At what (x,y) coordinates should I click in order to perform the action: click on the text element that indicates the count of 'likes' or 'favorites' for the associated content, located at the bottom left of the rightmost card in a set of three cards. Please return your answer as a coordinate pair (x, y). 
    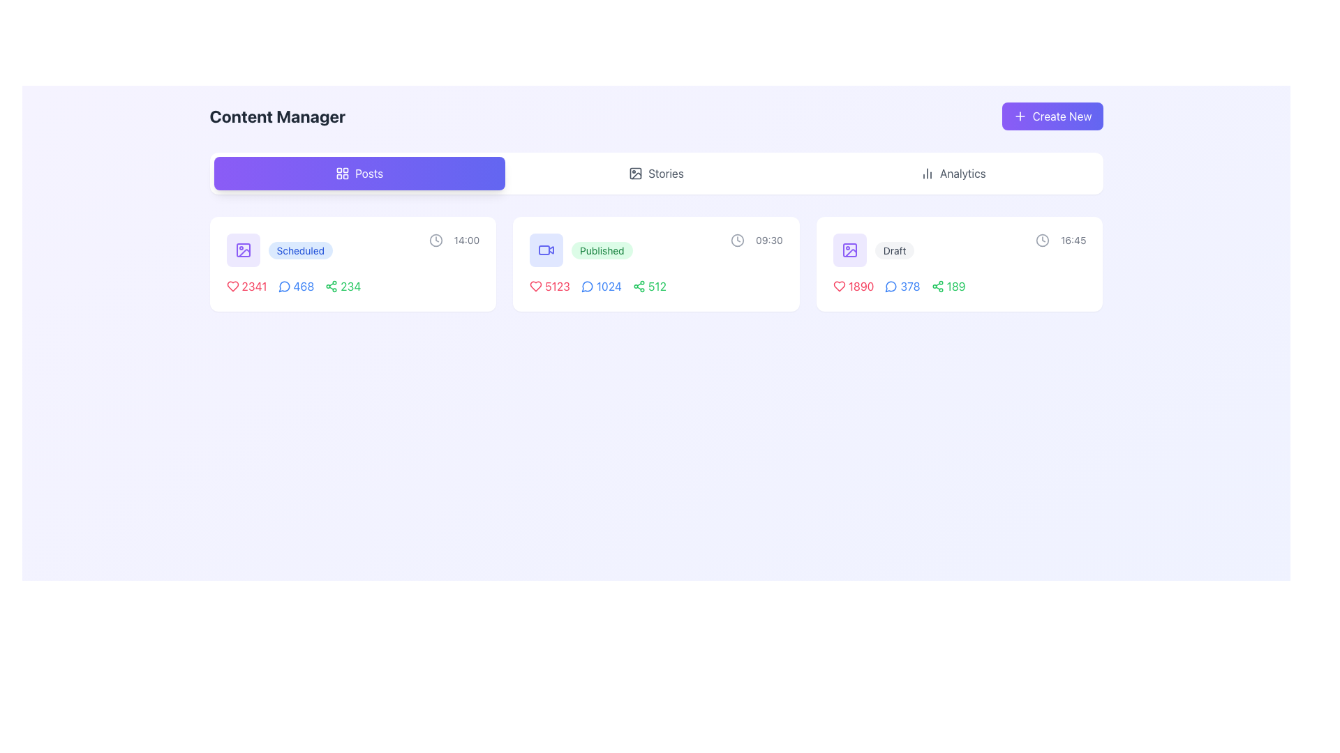
    Looking at the image, I should click on (861, 286).